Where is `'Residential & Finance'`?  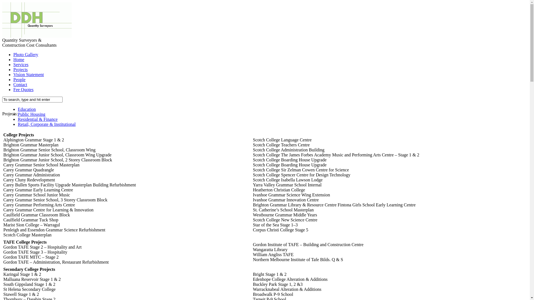 'Residential & Finance' is located at coordinates (37, 119).